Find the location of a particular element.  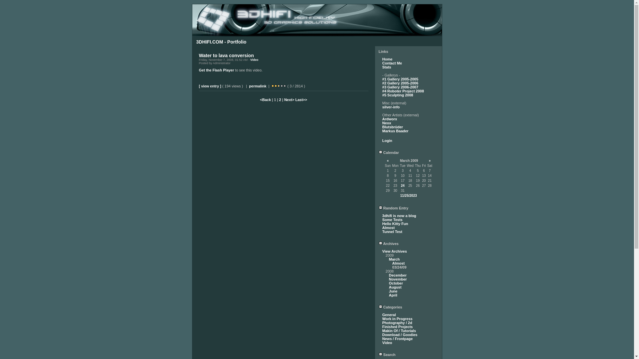

'View Archives' is located at coordinates (394, 251).